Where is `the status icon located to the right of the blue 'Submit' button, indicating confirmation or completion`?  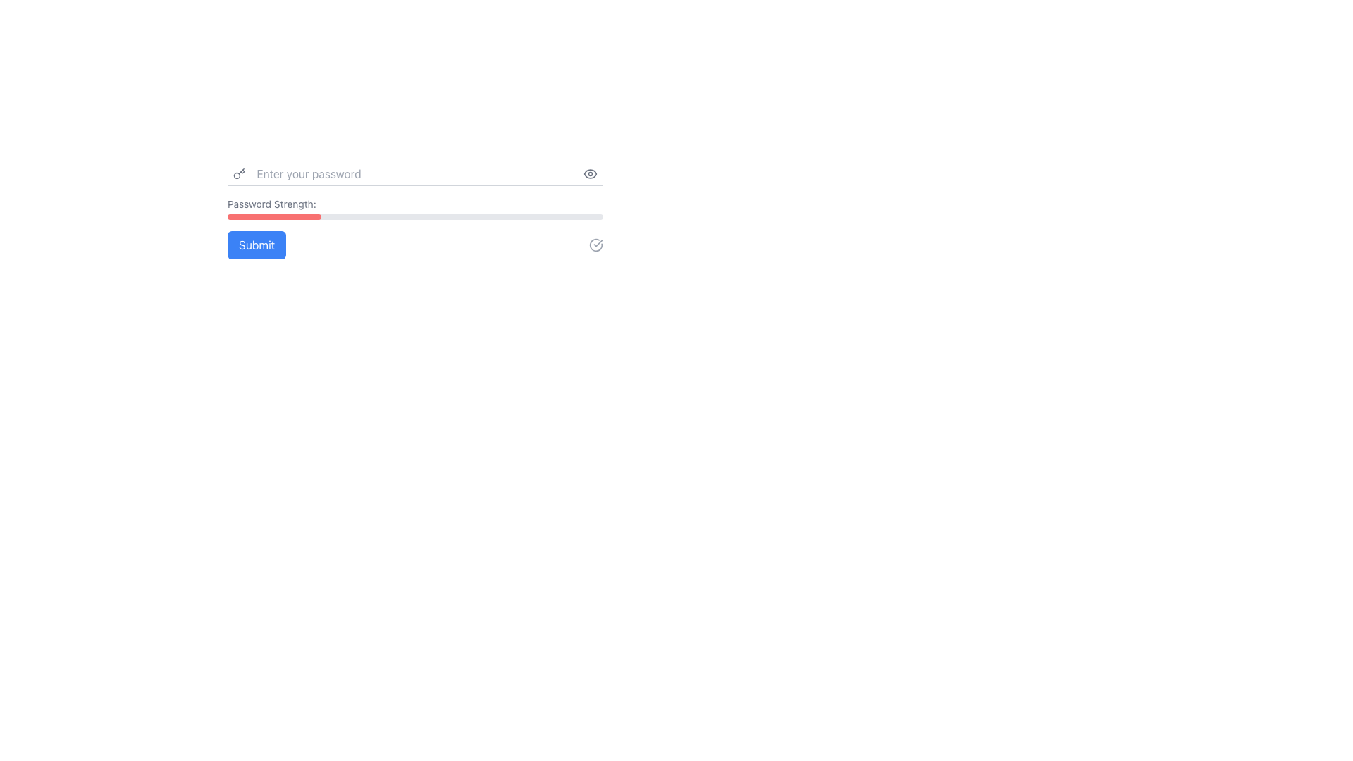 the status icon located to the right of the blue 'Submit' button, indicating confirmation or completion is located at coordinates (595, 244).